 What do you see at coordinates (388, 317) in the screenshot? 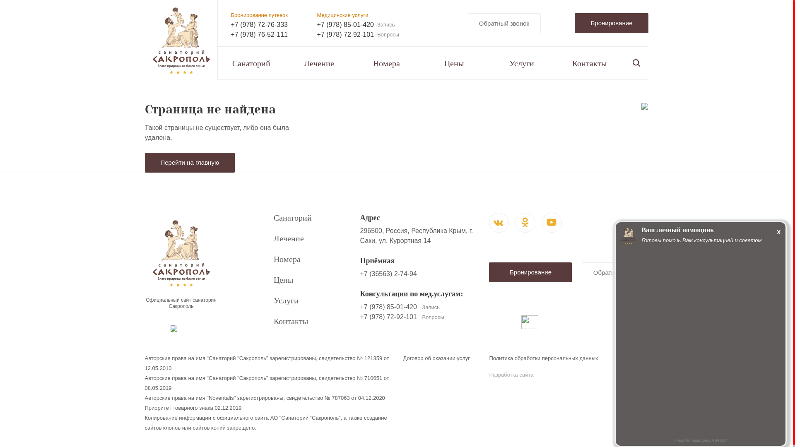
I see `'+7 (978) 72-92-101'` at bounding box center [388, 317].